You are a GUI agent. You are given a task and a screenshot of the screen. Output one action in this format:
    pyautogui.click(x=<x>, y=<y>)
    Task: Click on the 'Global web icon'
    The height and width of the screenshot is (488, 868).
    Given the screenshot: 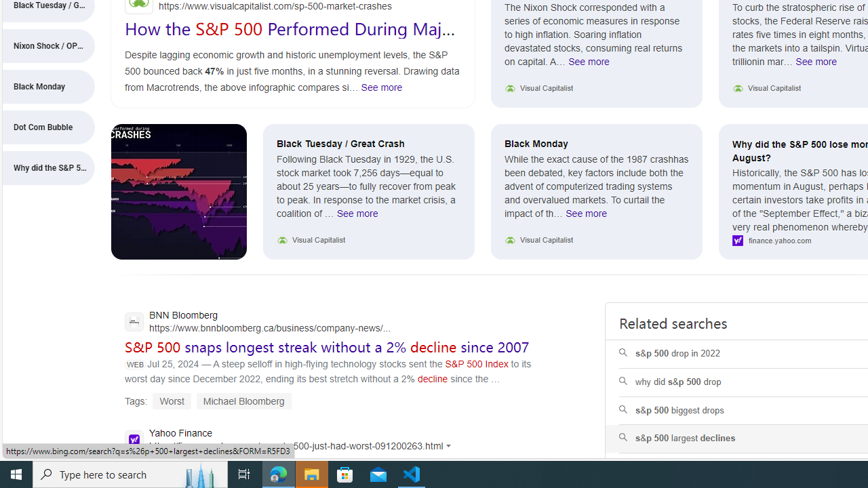 What is the action you would take?
    pyautogui.click(x=134, y=439)
    